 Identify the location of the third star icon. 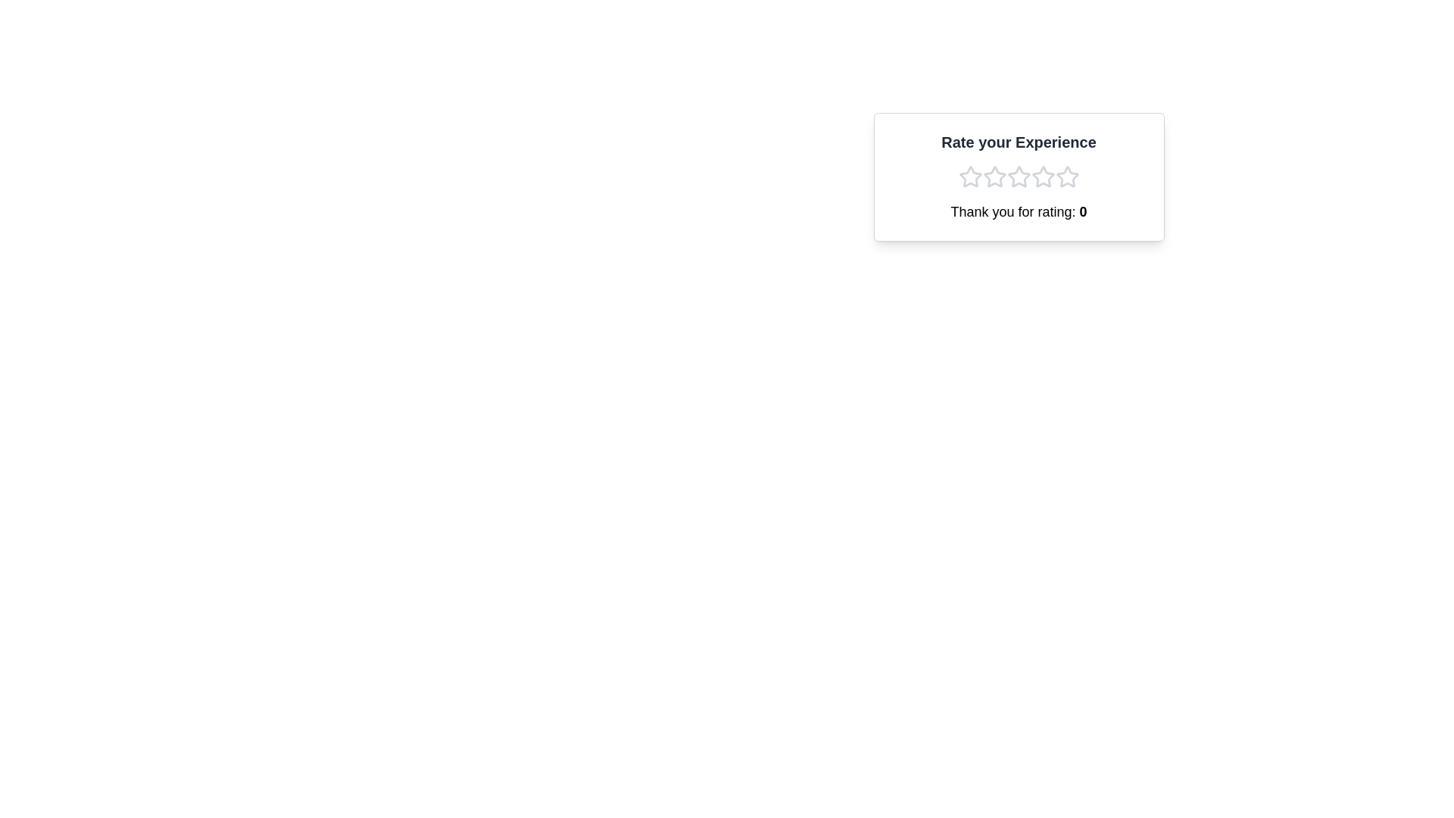
(1042, 175).